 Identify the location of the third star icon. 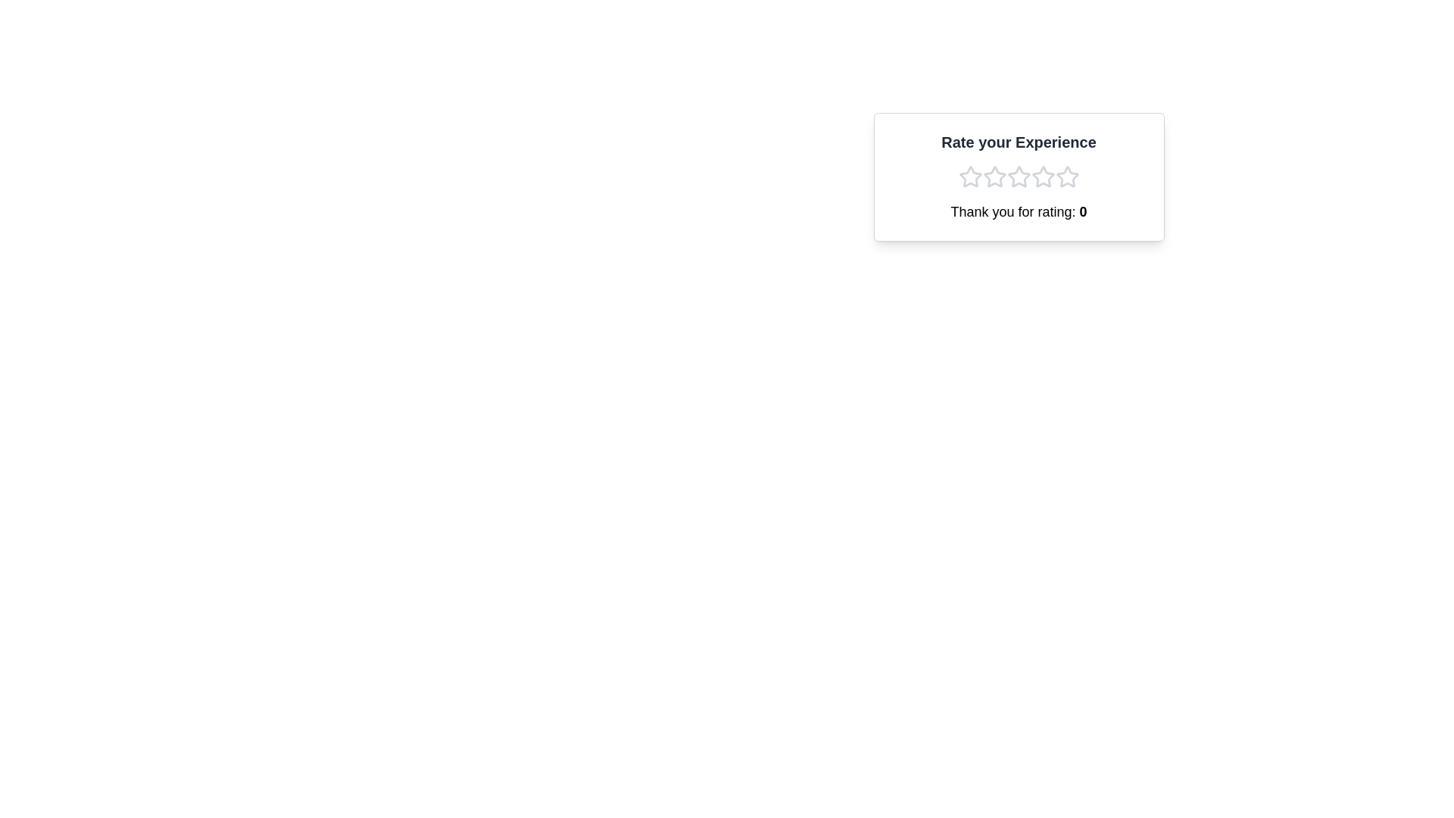
(1042, 175).